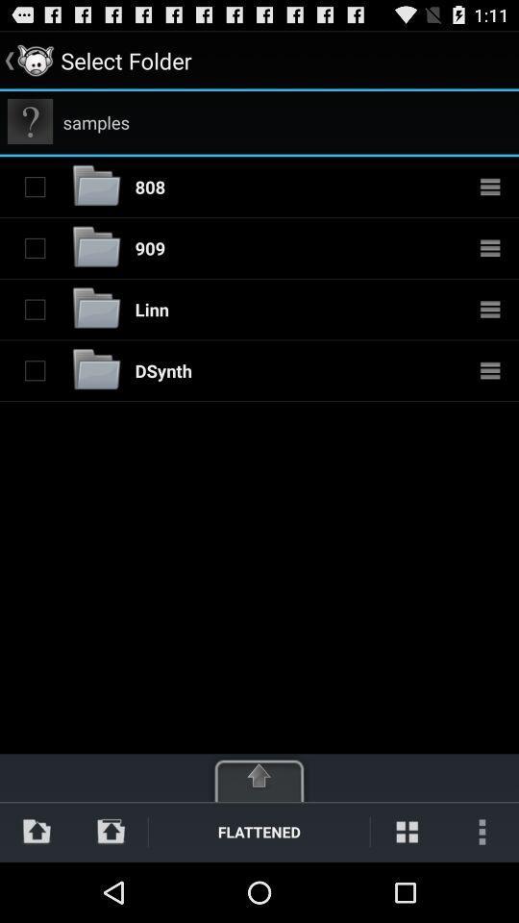 Image resolution: width=519 pixels, height=923 pixels. Describe the element at coordinates (35, 247) in the screenshot. I see `file to select` at that location.